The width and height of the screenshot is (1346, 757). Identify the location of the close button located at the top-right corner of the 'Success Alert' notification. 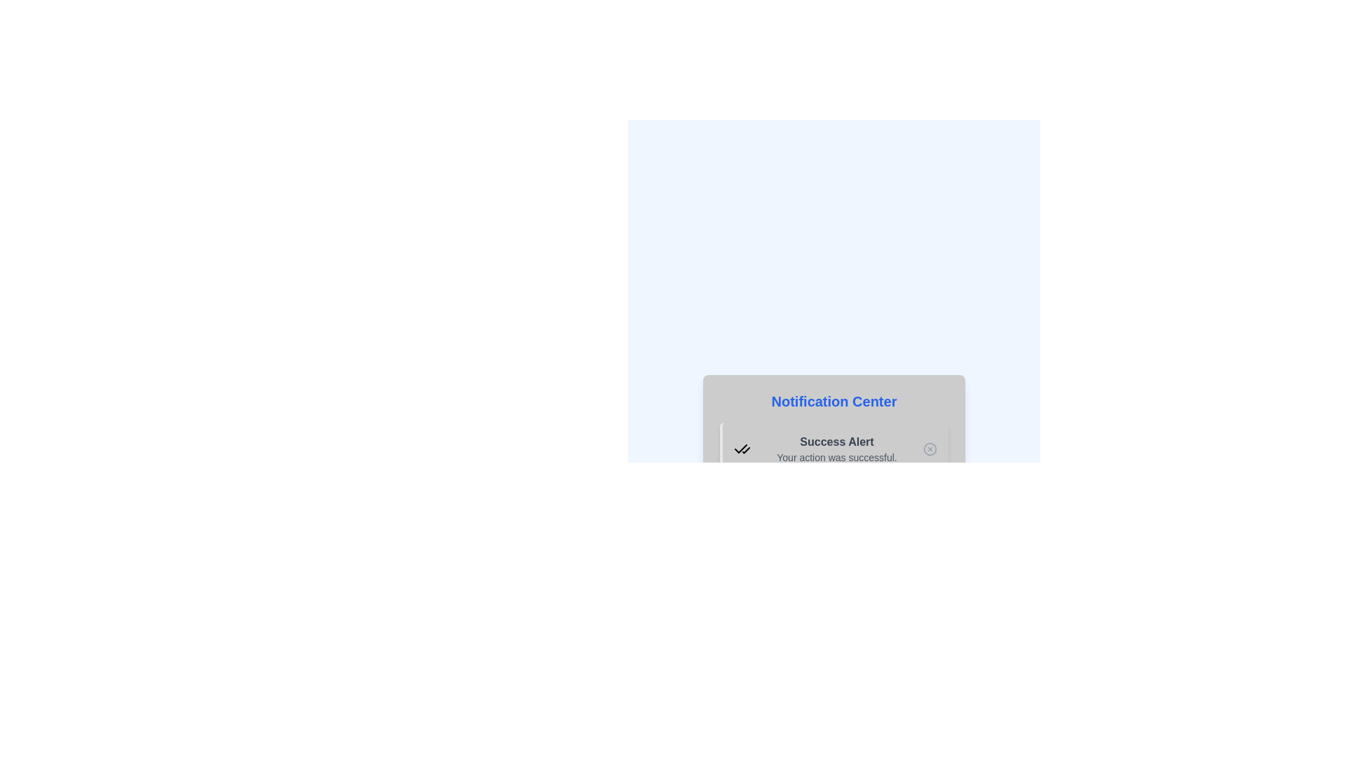
(930, 449).